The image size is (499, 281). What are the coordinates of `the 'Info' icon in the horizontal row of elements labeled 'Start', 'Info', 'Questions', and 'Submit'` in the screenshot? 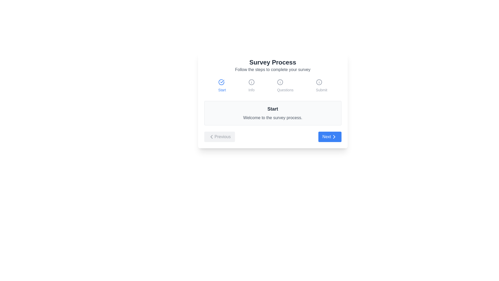 It's located at (251, 86).